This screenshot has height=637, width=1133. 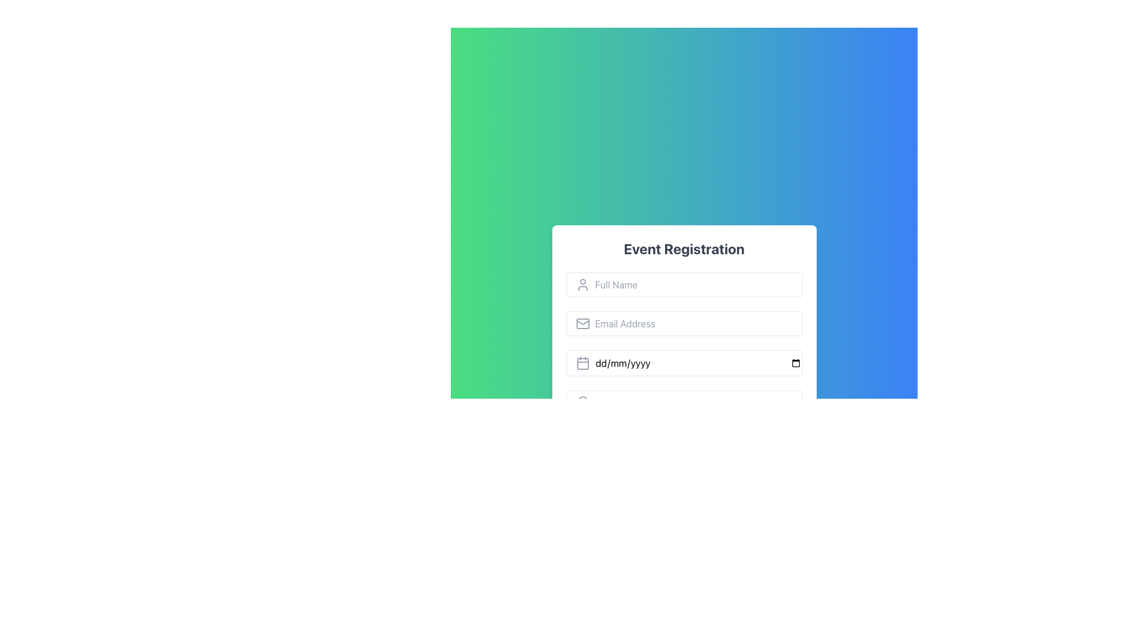 I want to click on the pin-shaped icon representing a location marker in the fourth section of the 'Event Registration' form, positioned near the left edge of the input field, so click(x=582, y=402).